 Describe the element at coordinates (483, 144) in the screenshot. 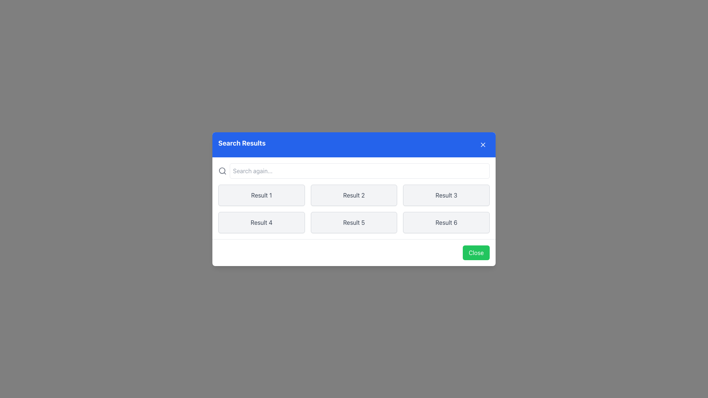

I see `the small rounded icon styled as a cross ('X') in the top-right corner of the blue header bar of the modal window` at that location.